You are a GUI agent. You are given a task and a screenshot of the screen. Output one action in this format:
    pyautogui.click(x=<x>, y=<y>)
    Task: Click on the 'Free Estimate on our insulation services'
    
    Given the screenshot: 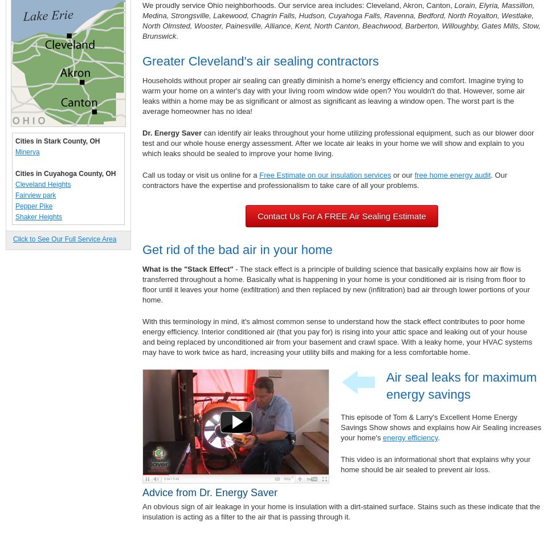 What is the action you would take?
    pyautogui.click(x=325, y=174)
    